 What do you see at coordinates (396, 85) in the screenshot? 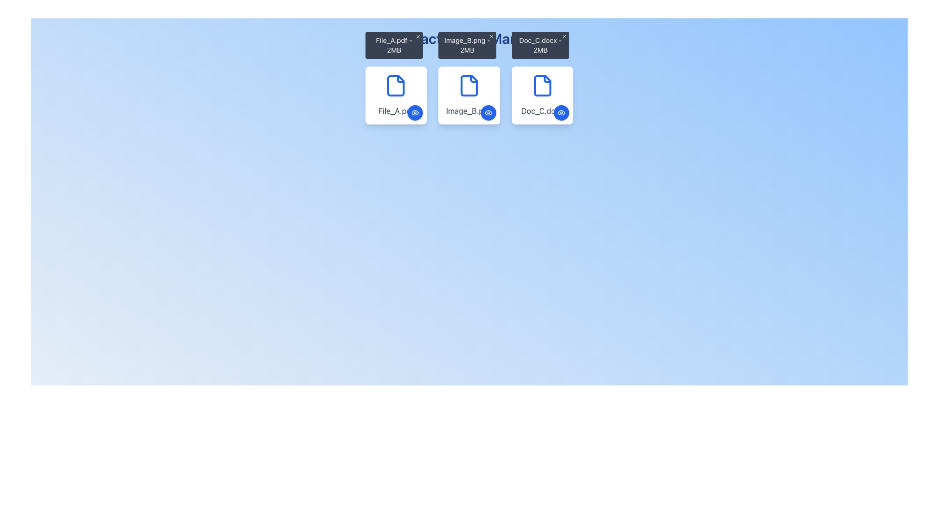
I see `the document icon representing 'File_A.pdf' within the first file card, which is styled with a blue outline and has a folded corner on the top-right` at bounding box center [396, 85].